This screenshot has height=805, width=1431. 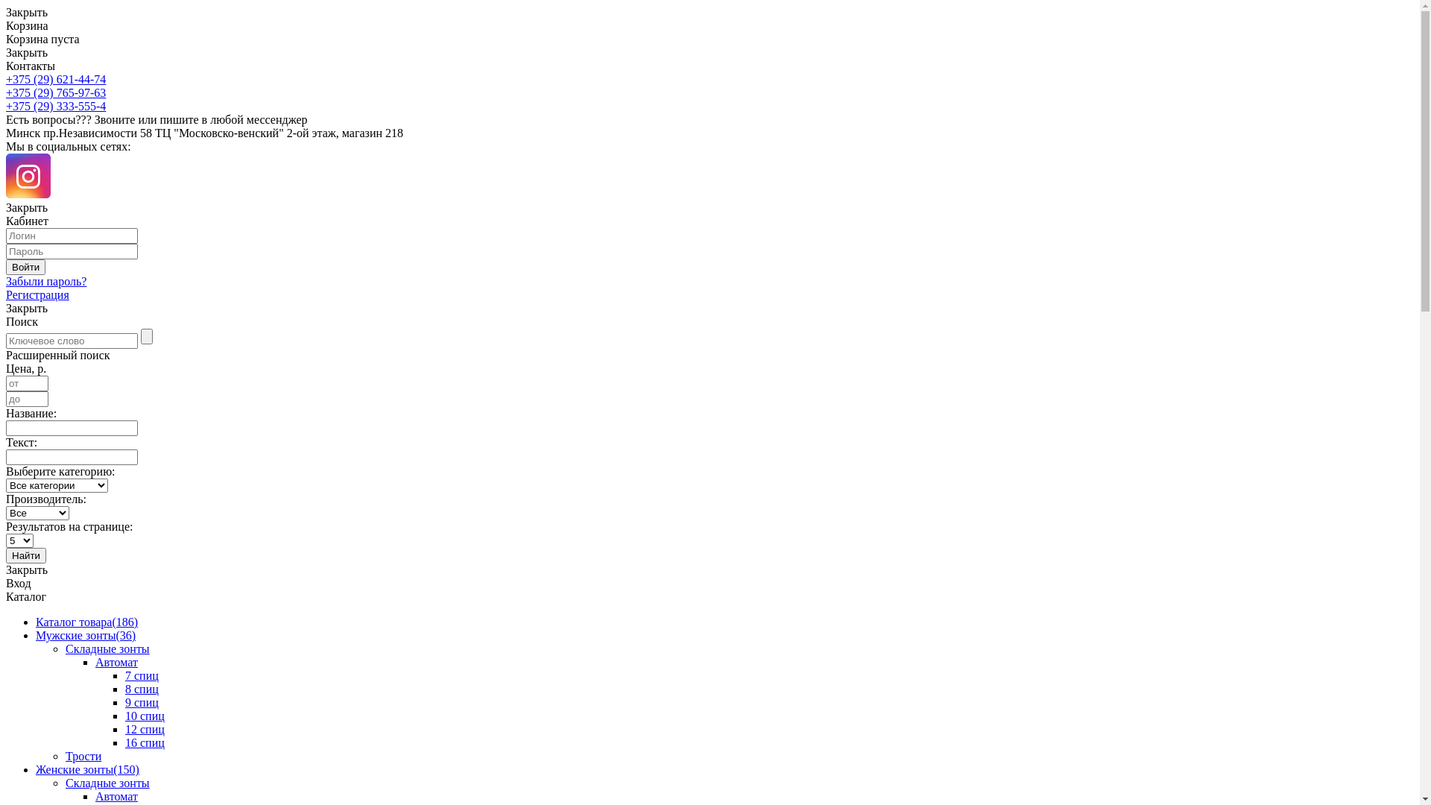 What do you see at coordinates (6, 92) in the screenshot?
I see `'+375 (29) 765-97-63'` at bounding box center [6, 92].